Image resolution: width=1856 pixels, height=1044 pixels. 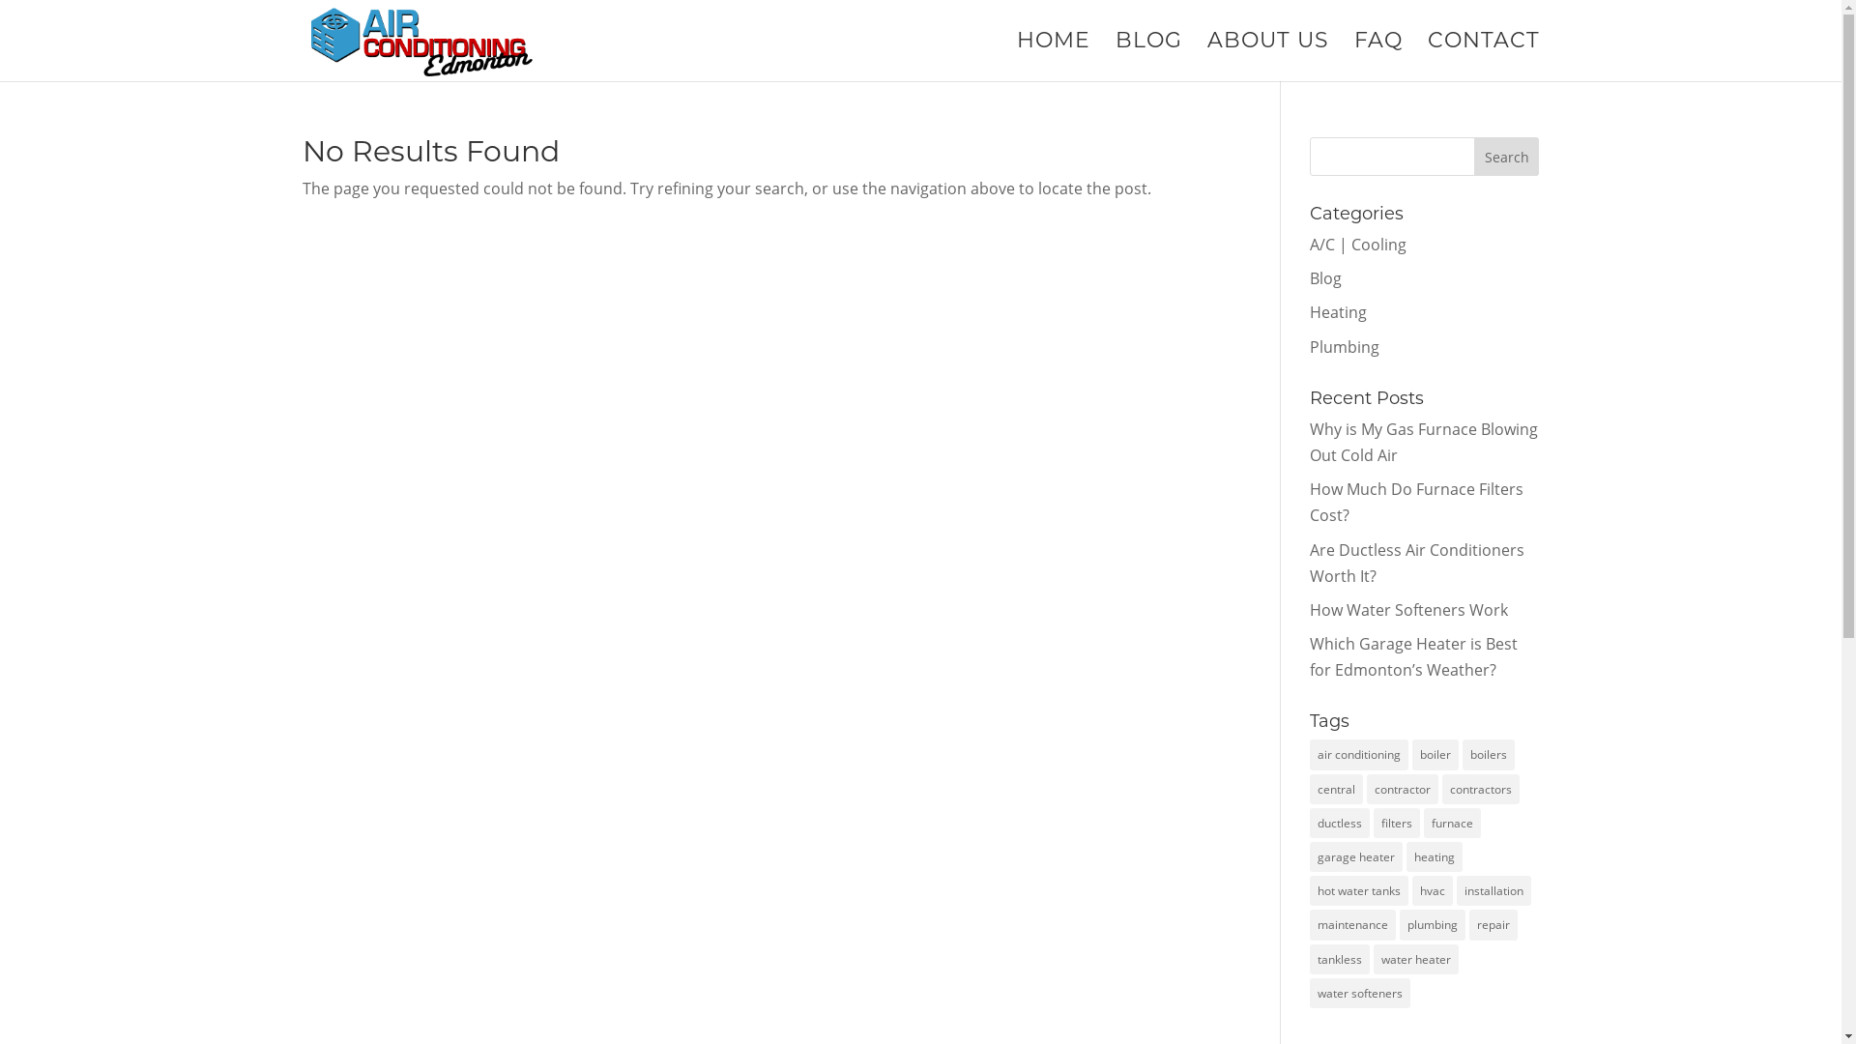 What do you see at coordinates (1488, 753) in the screenshot?
I see `'boilers'` at bounding box center [1488, 753].